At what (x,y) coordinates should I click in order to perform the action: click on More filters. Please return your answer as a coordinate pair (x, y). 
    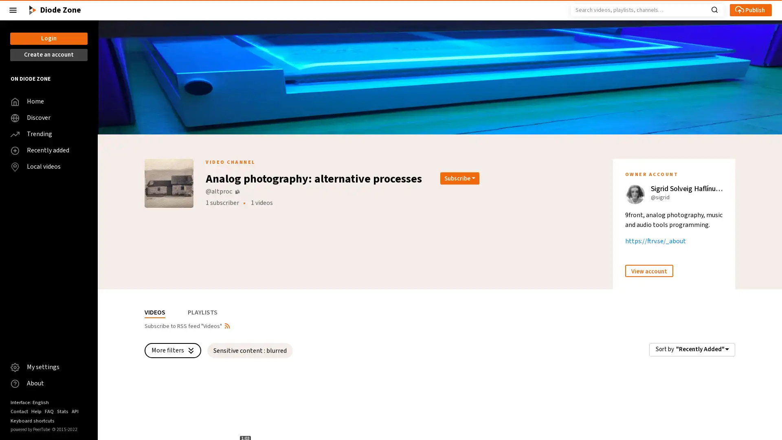
    Looking at the image, I should click on (172, 350).